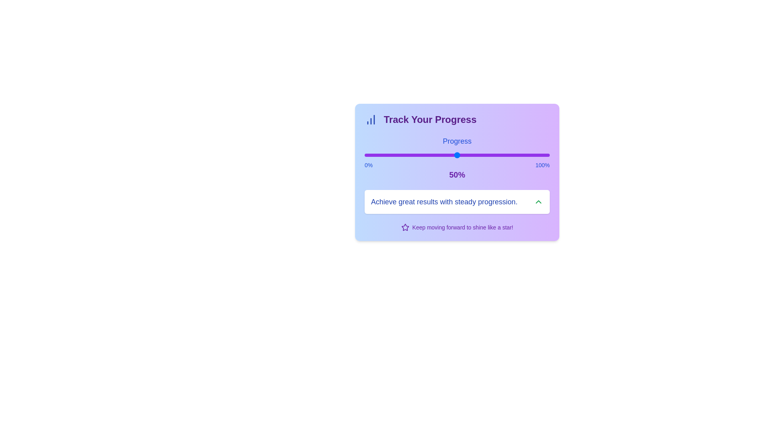  What do you see at coordinates (371, 120) in the screenshot?
I see `the blue bar chart icon located to the left of the 'Track Your Progress' title text at the top of the interface` at bounding box center [371, 120].